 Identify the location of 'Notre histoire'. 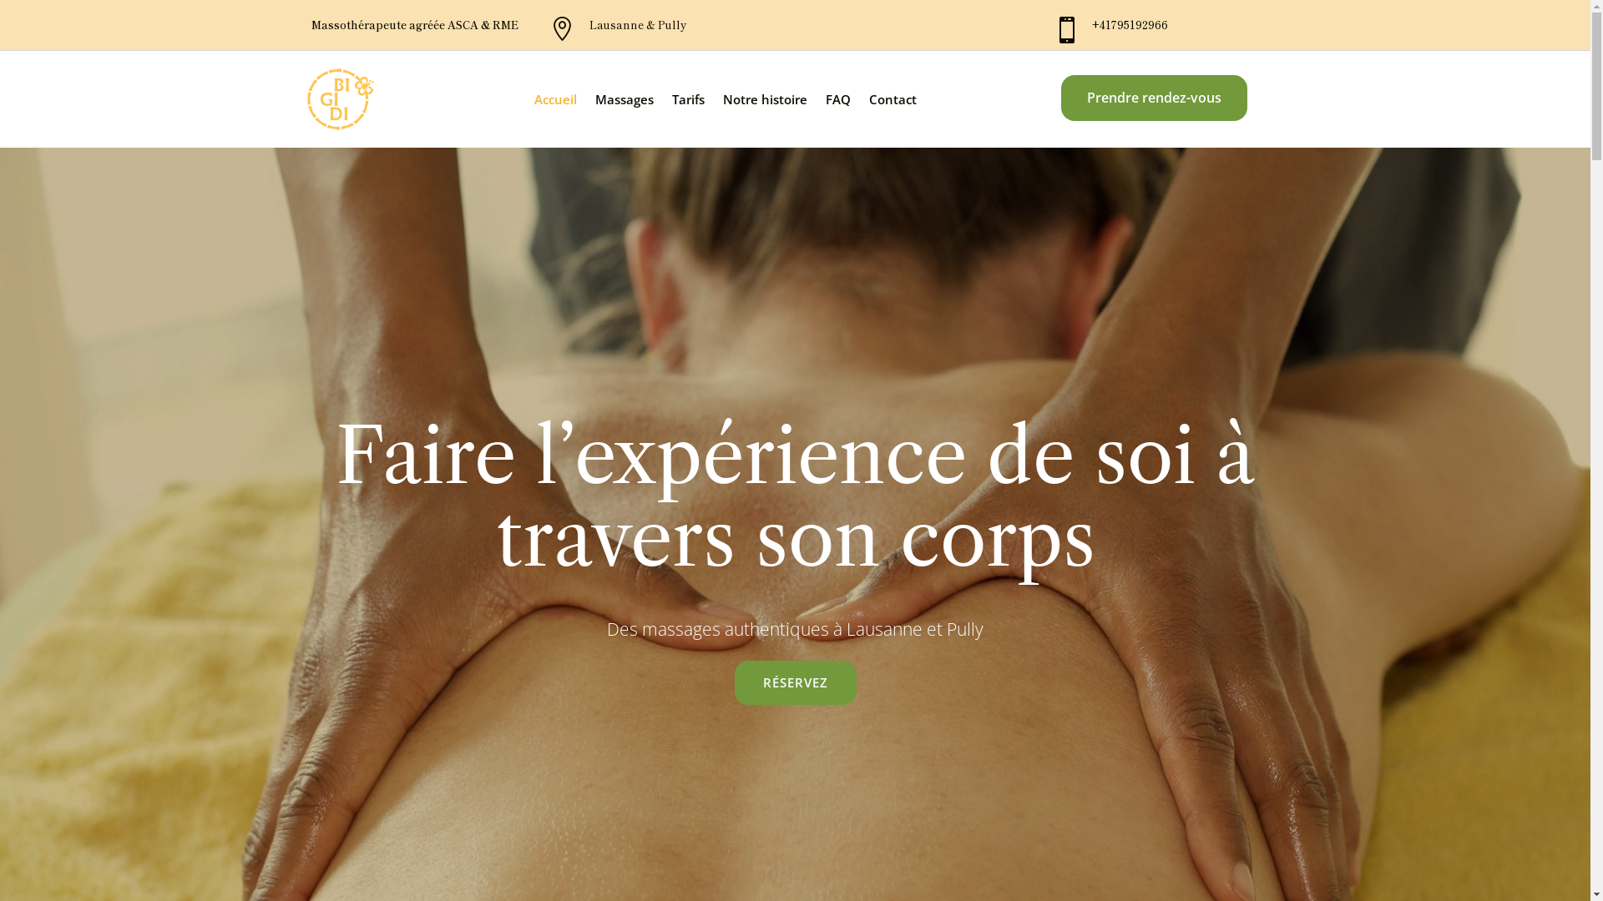
(764, 99).